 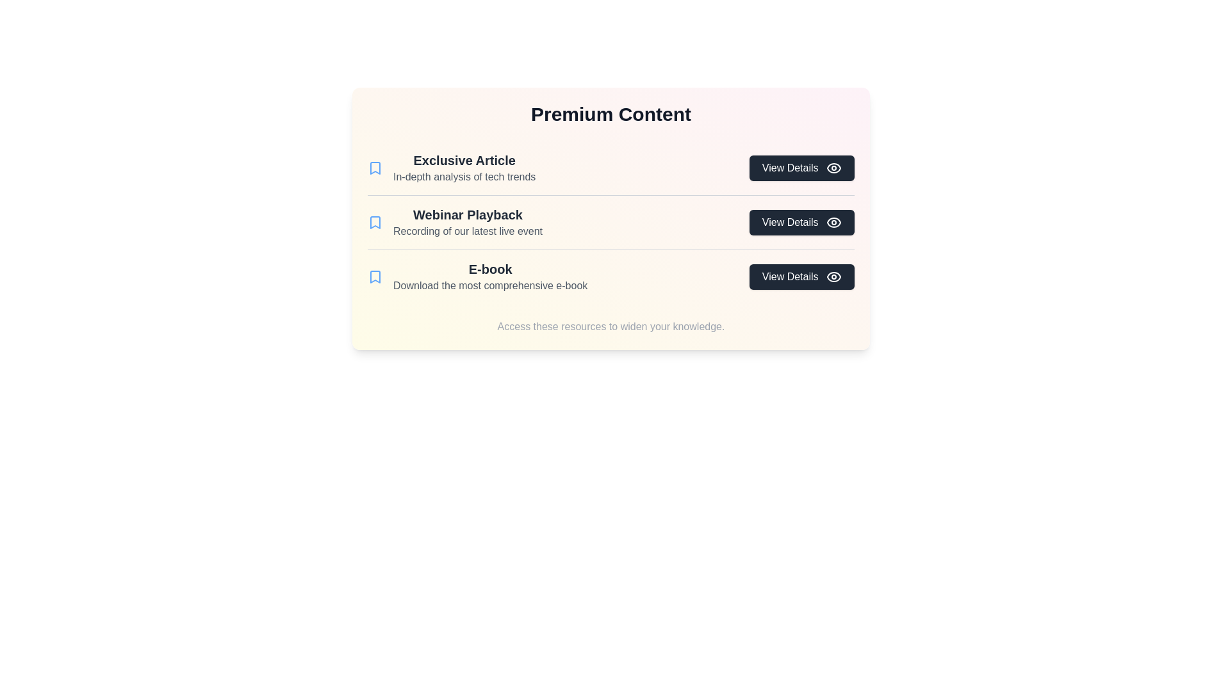 I want to click on the 'View Details' button for the content item E-book, so click(x=801, y=276).